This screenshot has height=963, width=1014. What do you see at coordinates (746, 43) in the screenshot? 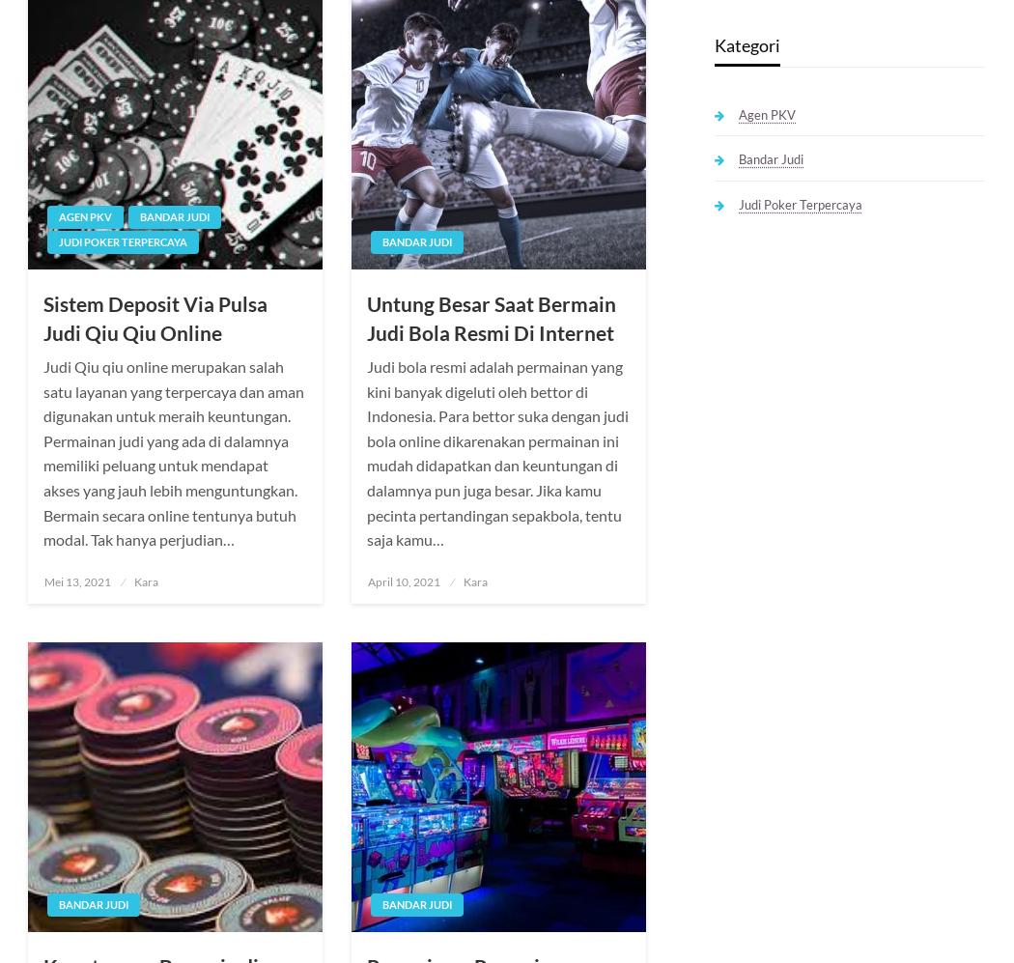
I see `'Kategori'` at bounding box center [746, 43].